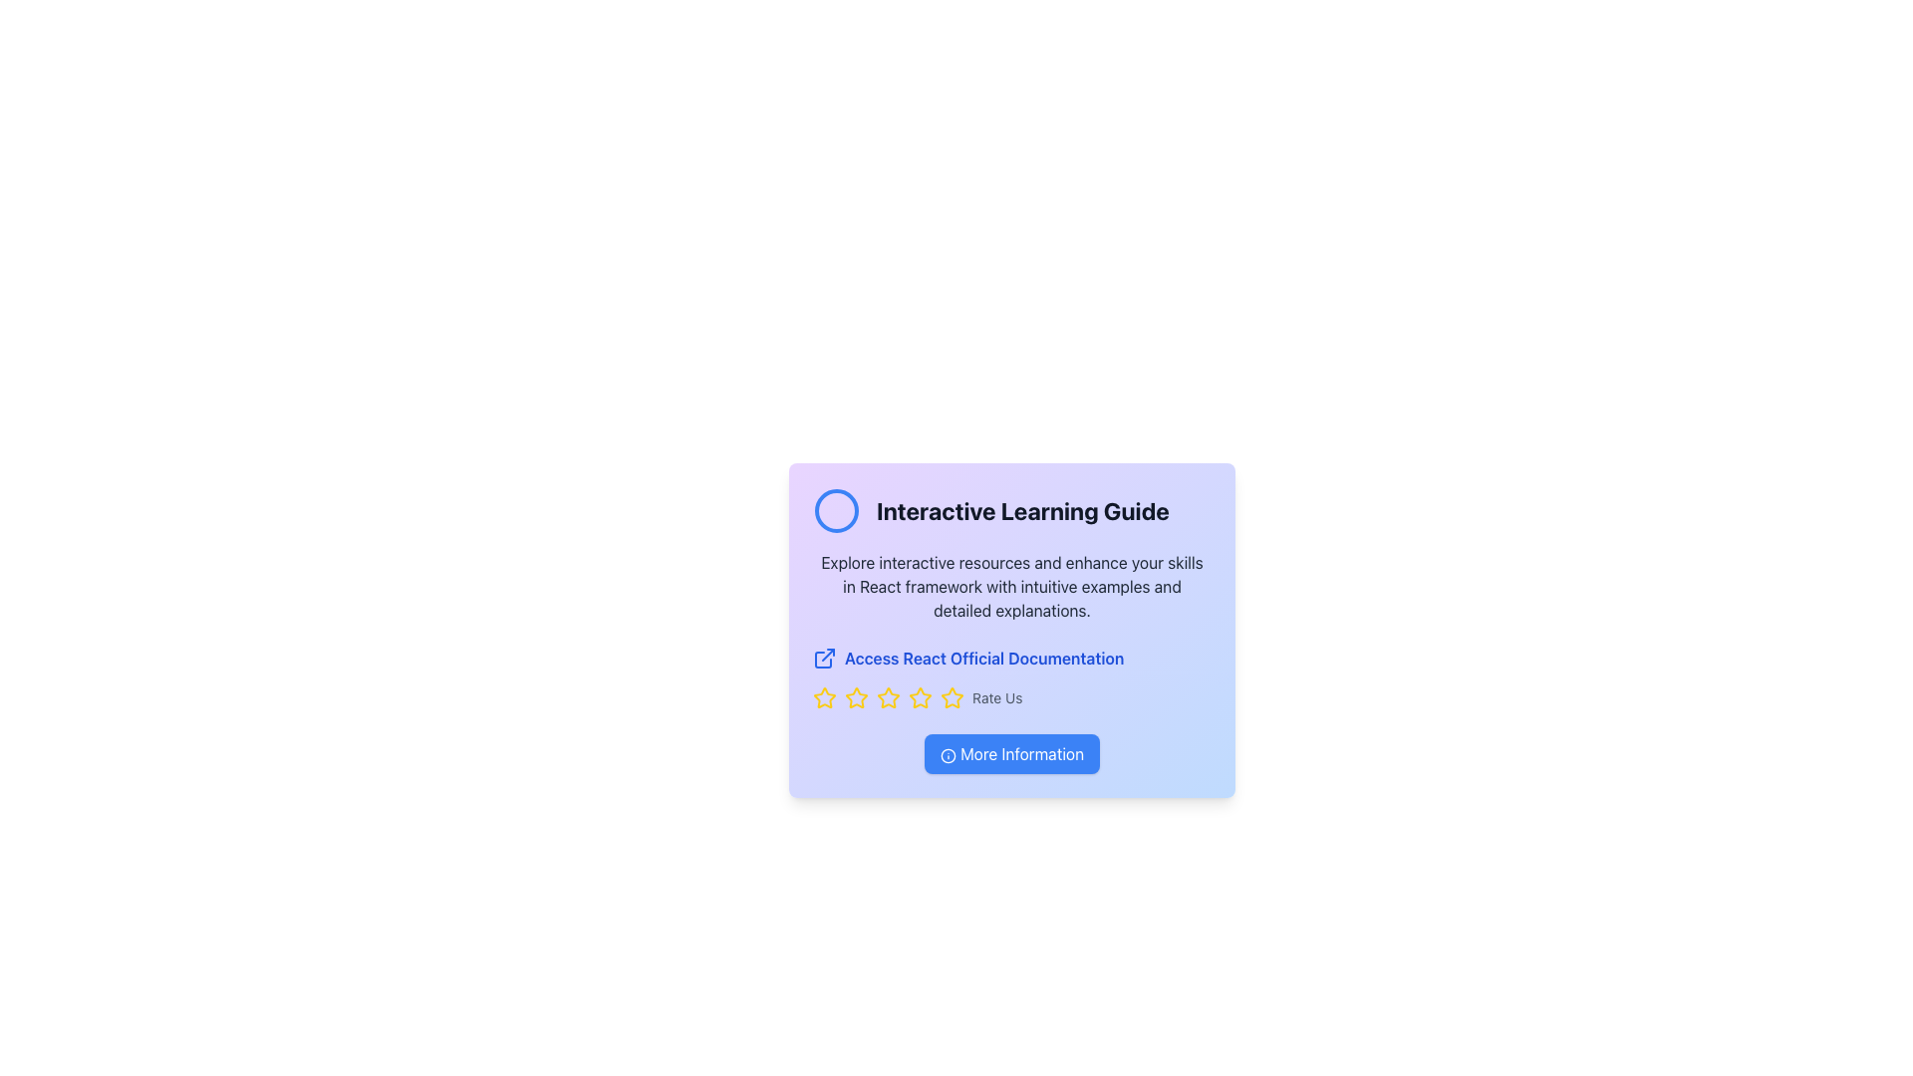 This screenshot has height=1076, width=1913. What do you see at coordinates (951, 697) in the screenshot?
I see `the fifth star icon in the rating system to indicate a rating of 5, which is located below the main content text of the card and aligned with similar stars that precede the text 'Rate Us'` at bounding box center [951, 697].